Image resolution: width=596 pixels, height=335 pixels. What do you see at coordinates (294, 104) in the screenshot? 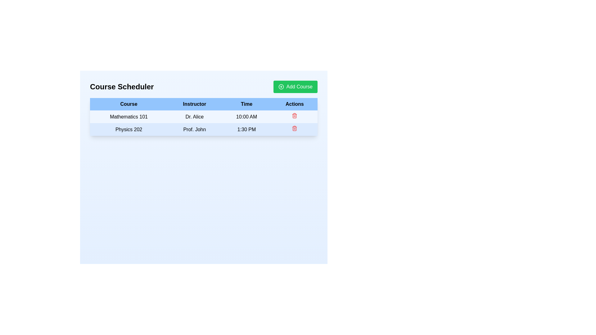
I see `the header label for the 'Actions' column in the table, located at the top-right corner after 'Course', 'Instructor', and 'Time'` at bounding box center [294, 104].